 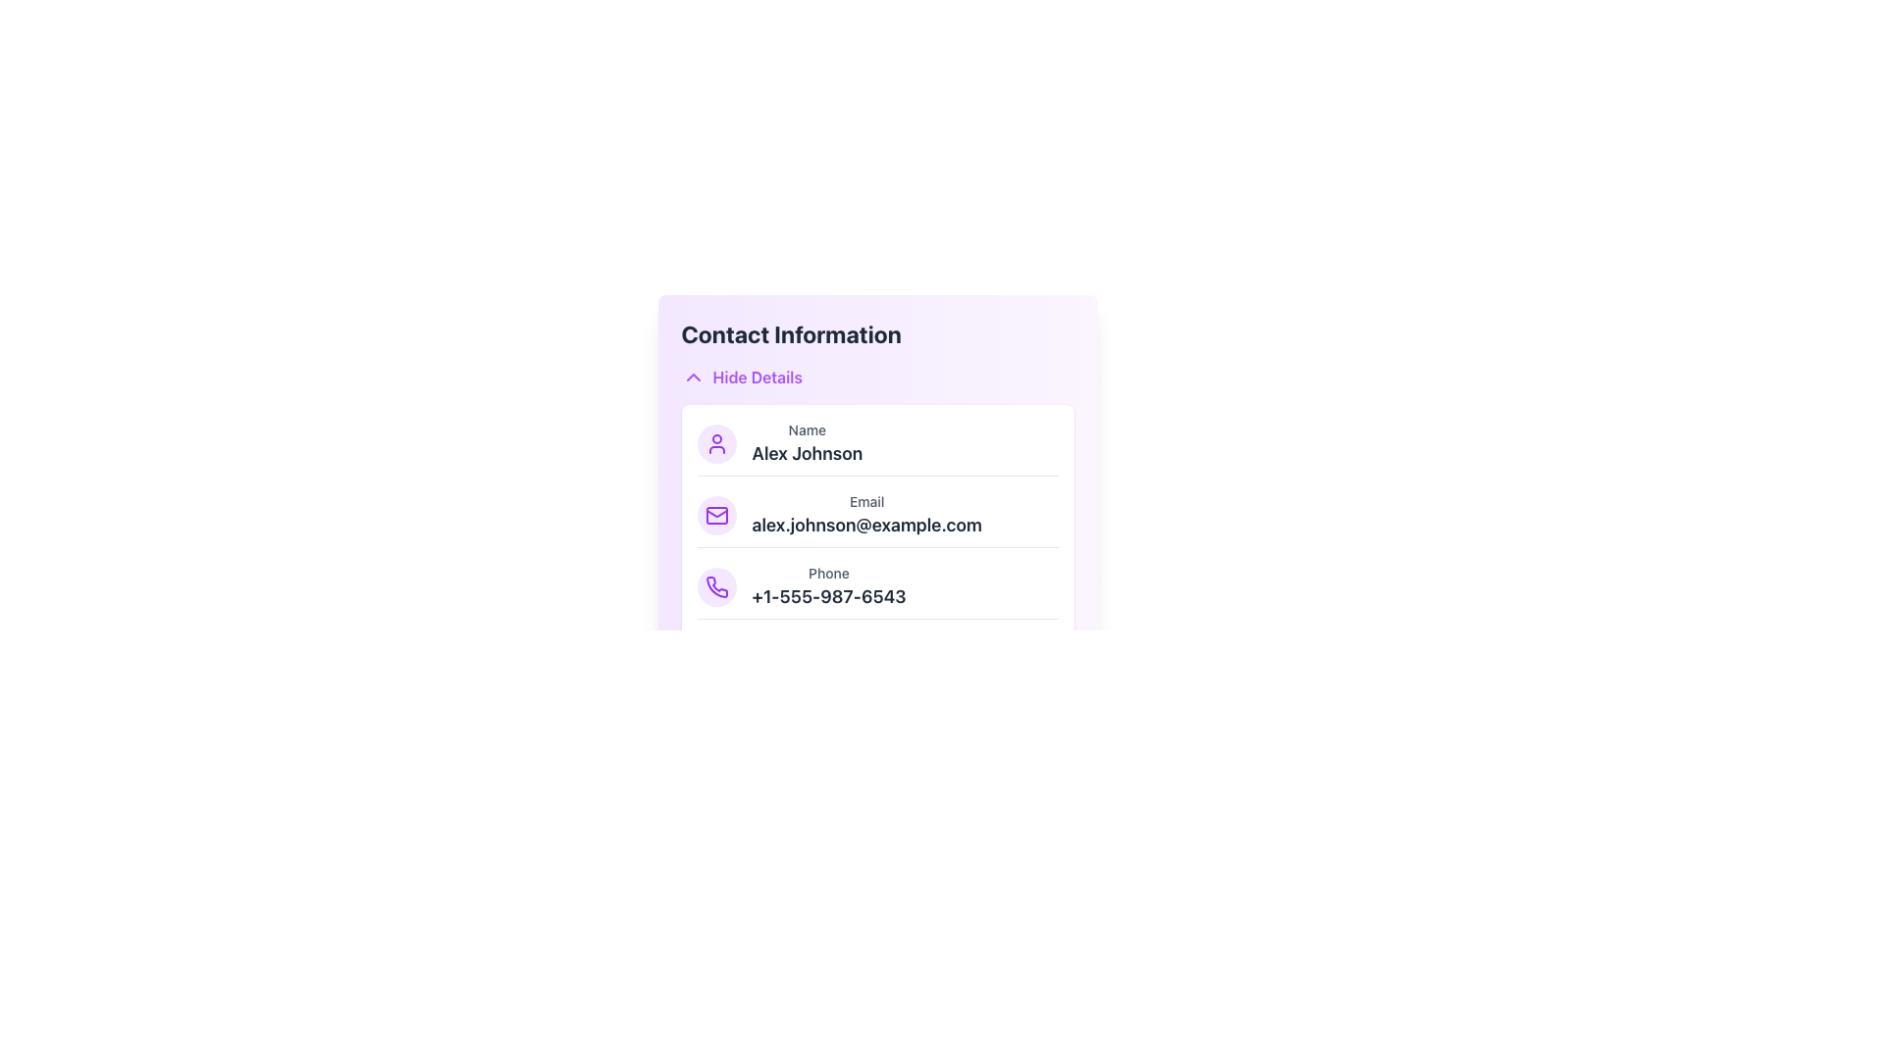 I want to click on the decorative email contact icon located to the left of the email address 'alex.johnson@example.com' in the 'Email' section of the contact information card, so click(x=715, y=514).